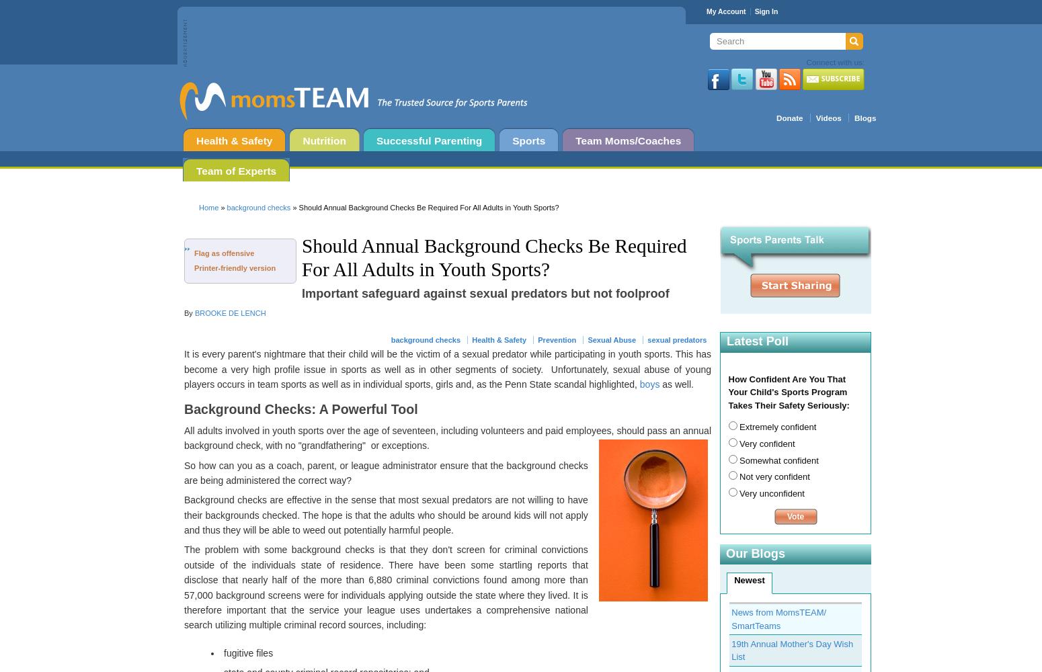 This screenshot has height=672, width=1042. I want to click on 'Our Blogs', so click(755, 552).